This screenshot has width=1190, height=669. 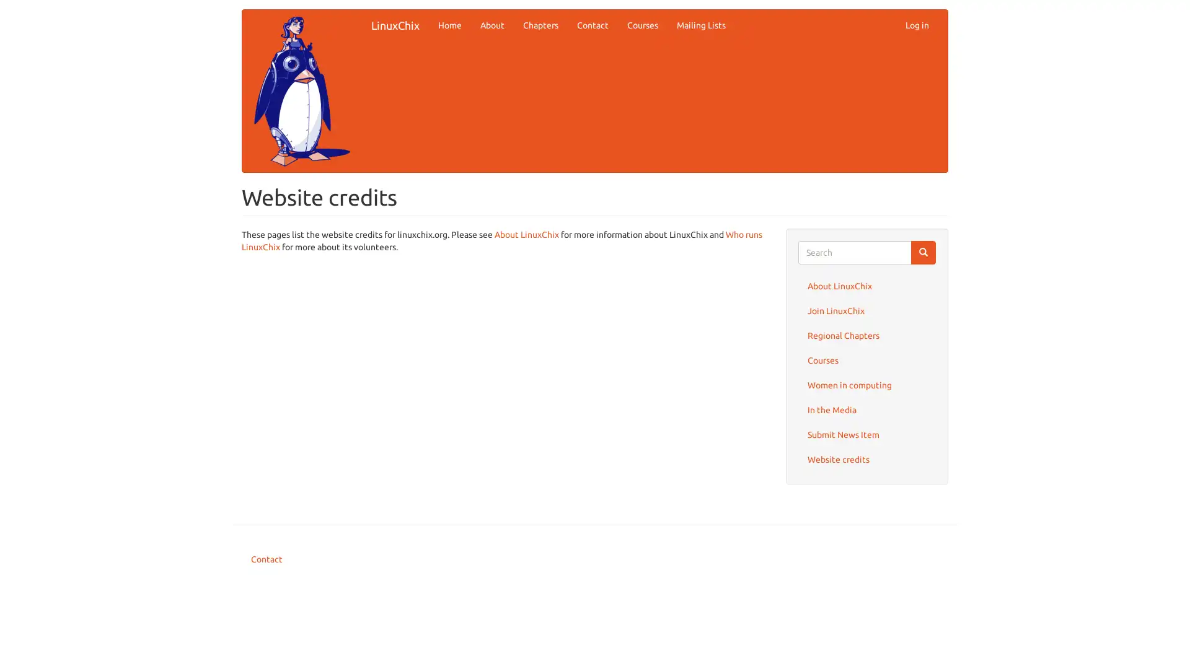 What do you see at coordinates (923, 251) in the screenshot?
I see `Search` at bounding box center [923, 251].